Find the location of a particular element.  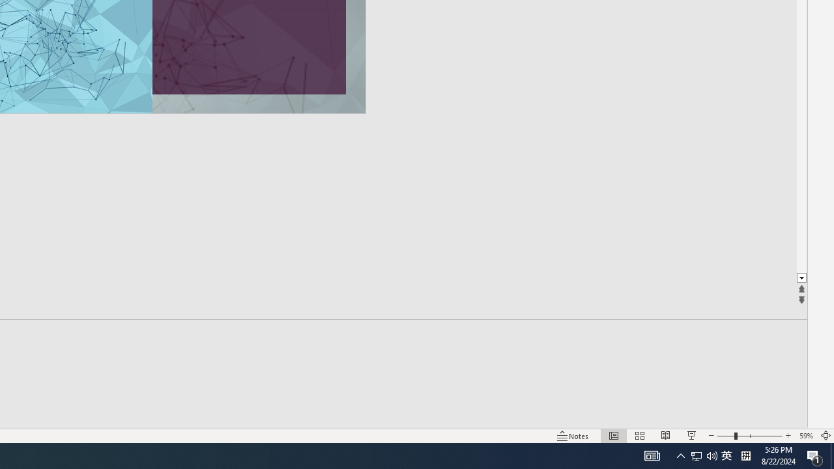

'Zoom 59%' is located at coordinates (805, 436).